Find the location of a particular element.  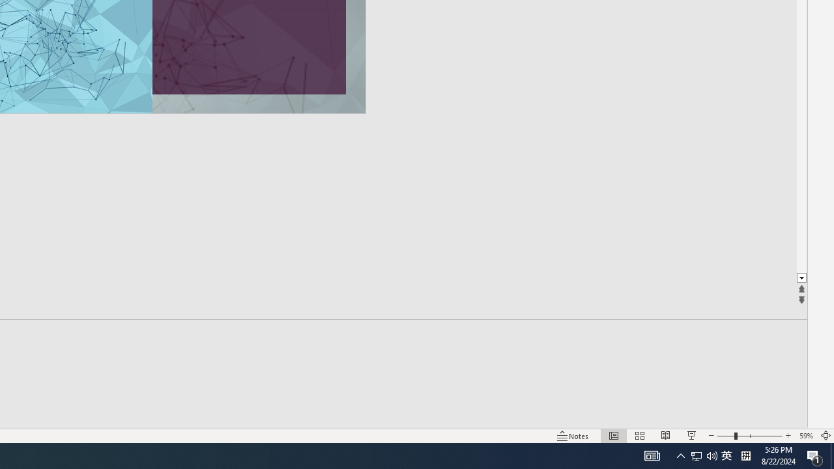

'Zoom 59%' is located at coordinates (805, 436).